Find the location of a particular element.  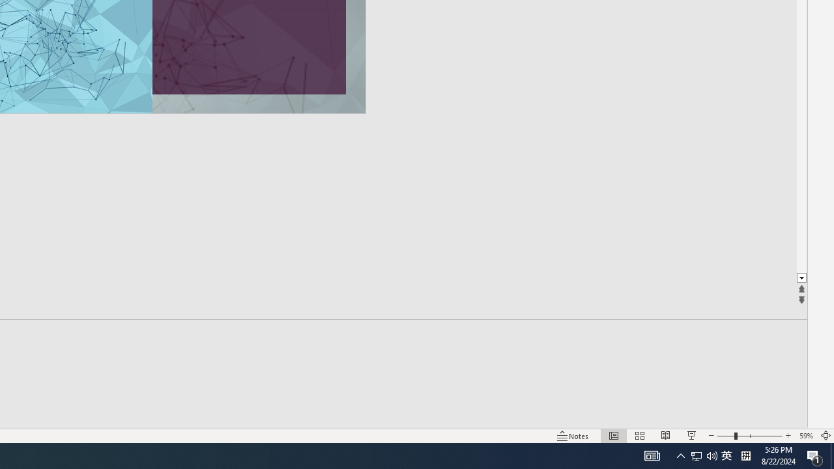

'Zoom 59%' is located at coordinates (805, 436).